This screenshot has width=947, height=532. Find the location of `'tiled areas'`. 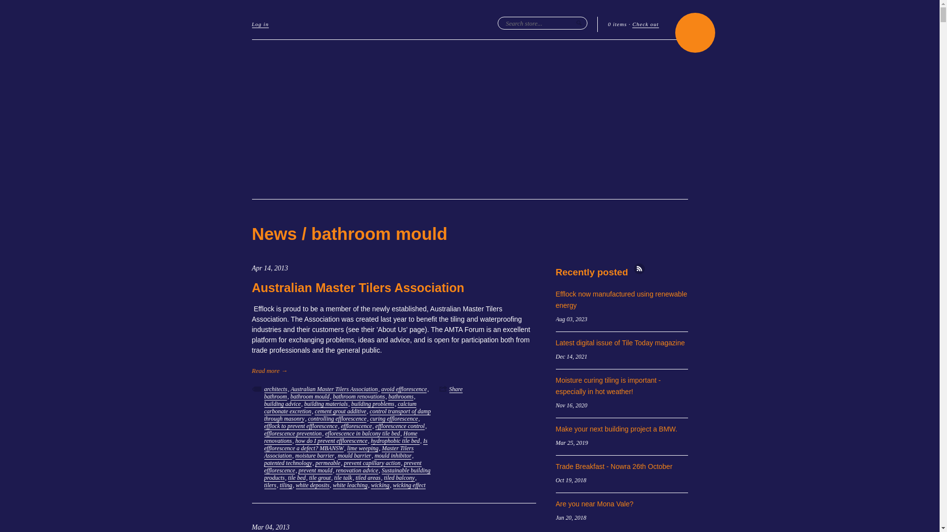

'tiled areas' is located at coordinates (355, 477).